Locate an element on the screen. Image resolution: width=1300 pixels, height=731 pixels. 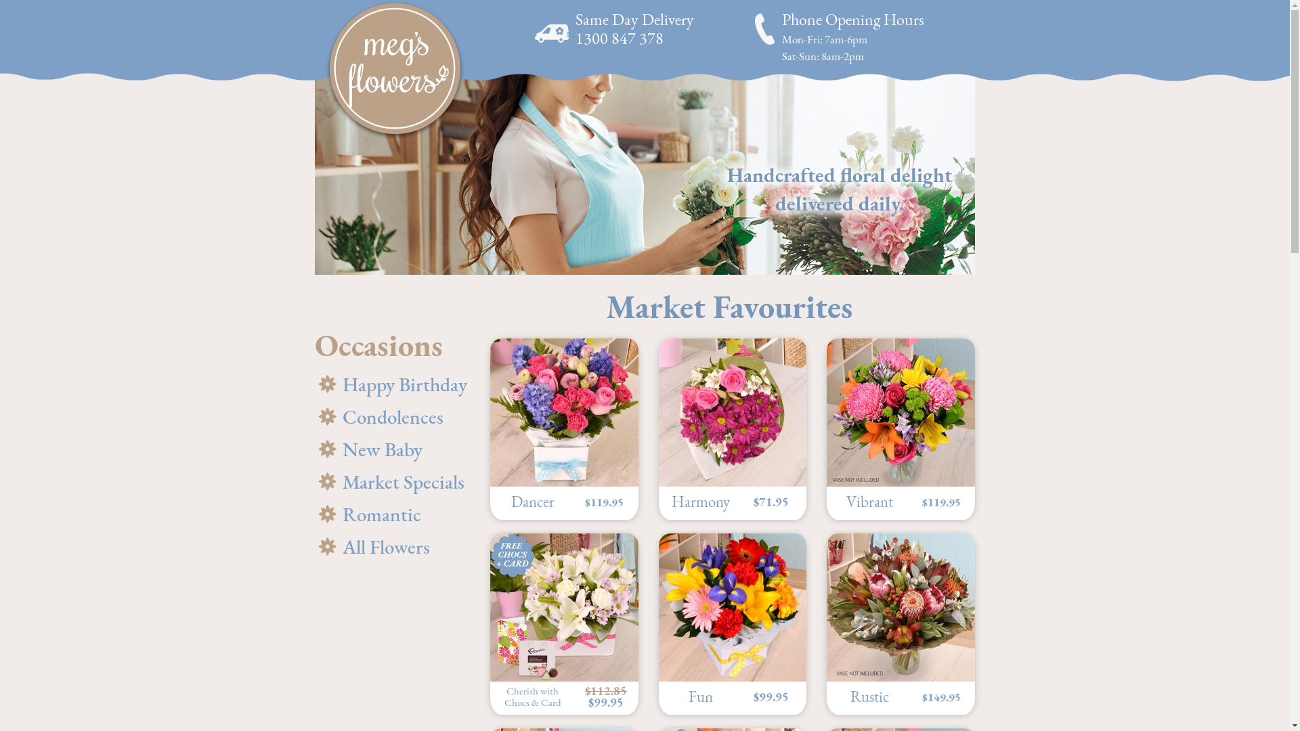
'Fun is located at coordinates (731, 623).